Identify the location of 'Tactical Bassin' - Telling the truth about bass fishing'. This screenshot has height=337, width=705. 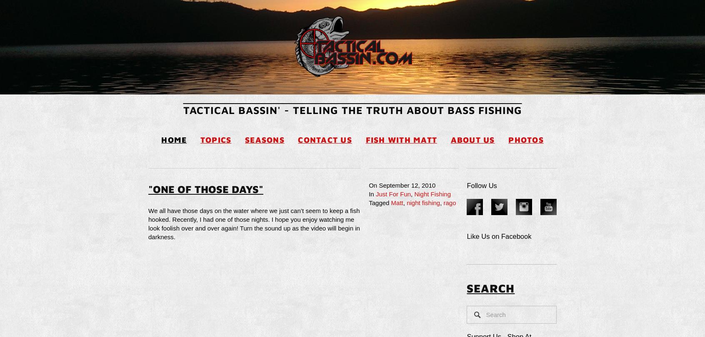
(182, 109).